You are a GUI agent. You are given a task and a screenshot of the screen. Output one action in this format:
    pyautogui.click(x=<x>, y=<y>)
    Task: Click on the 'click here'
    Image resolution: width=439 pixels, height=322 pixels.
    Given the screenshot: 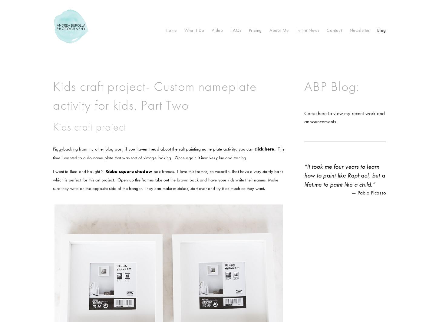 What is the action you would take?
    pyautogui.click(x=264, y=149)
    